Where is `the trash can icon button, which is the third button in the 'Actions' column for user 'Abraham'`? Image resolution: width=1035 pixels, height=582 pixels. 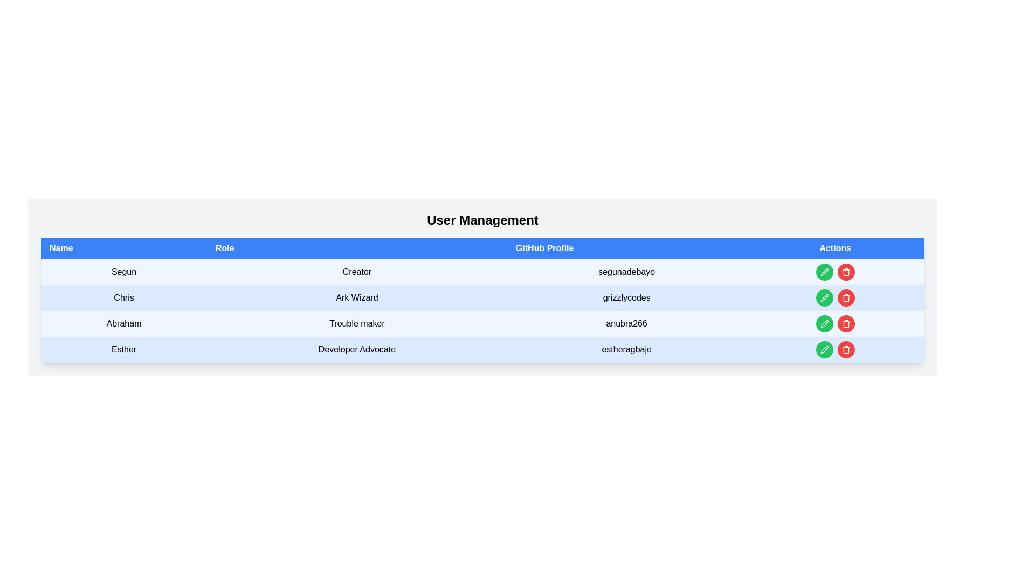
the trash can icon button, which is the third button in the 'Actions' column for user 'Abraham' is located at coordinates (845, 323).